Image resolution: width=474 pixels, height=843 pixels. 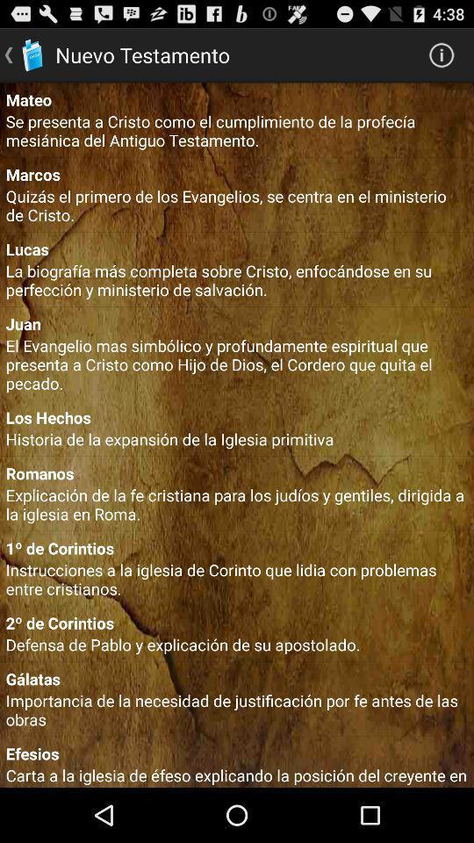 What do you see at coordinates (237, 364) in the screenshot?
I see `item above the los hechos icon` at bounding box center [237, 364].